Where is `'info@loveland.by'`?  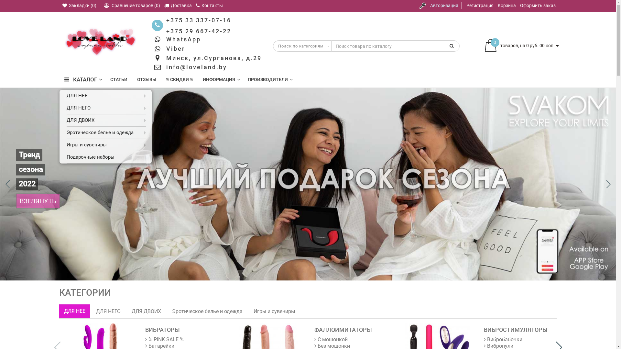 'info@loveland.by' is located at coordinates (166, 67).